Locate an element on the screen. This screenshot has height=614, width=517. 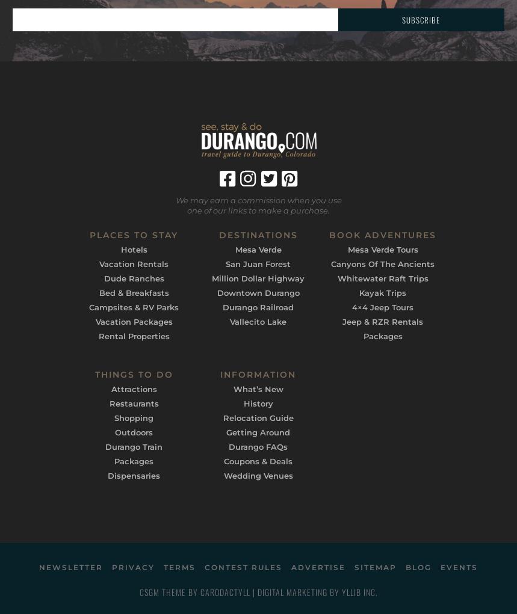
'Rental Properties' is located at coordinates (133, 334).